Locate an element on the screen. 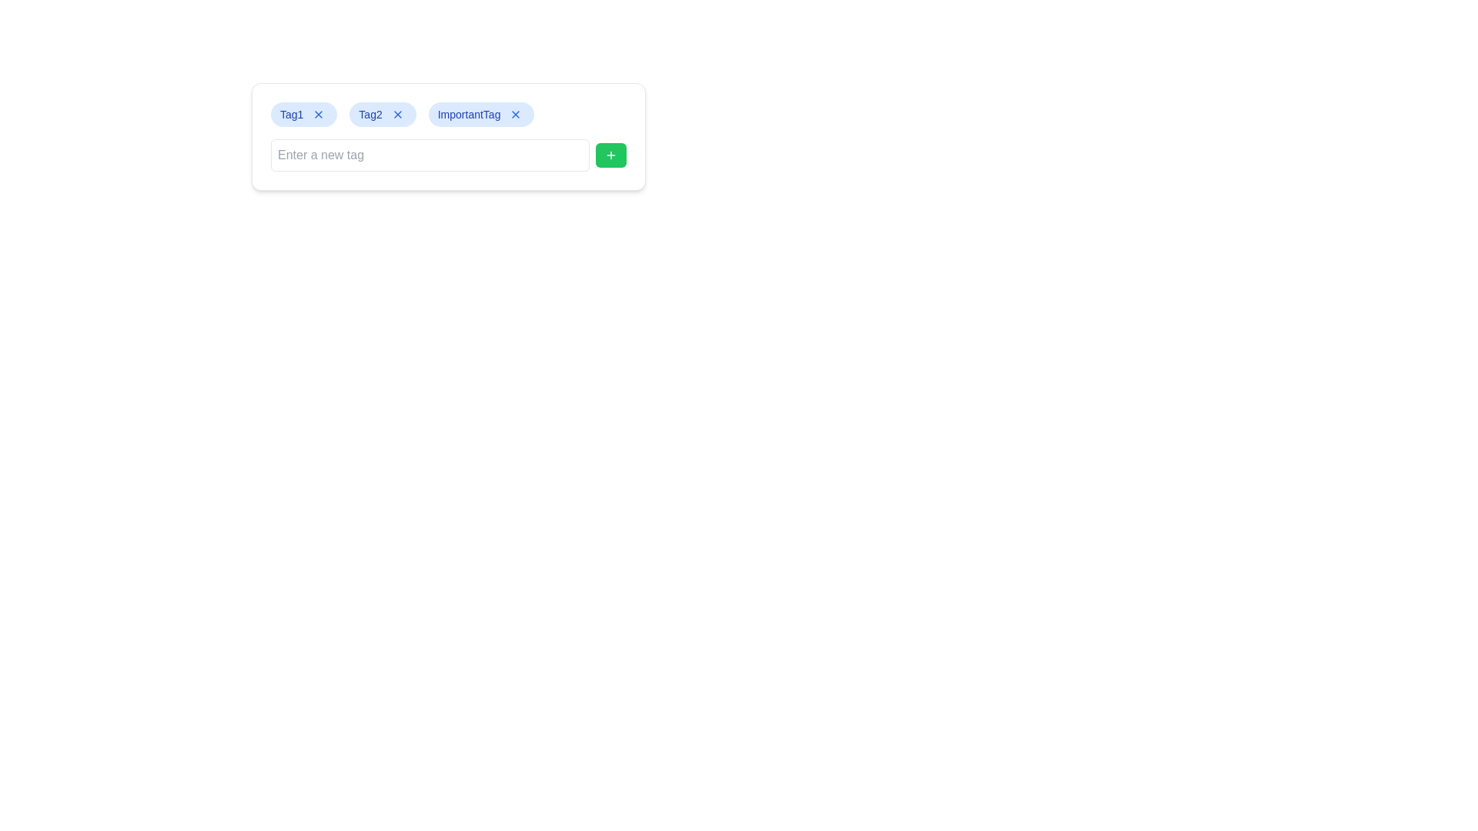 The height and width of the screenshot is (831, 1478). the text label containing 'Tag1' which is styled with a blue background and rounded corners, located at the start of the tag component is located at coordinates (292, 114).